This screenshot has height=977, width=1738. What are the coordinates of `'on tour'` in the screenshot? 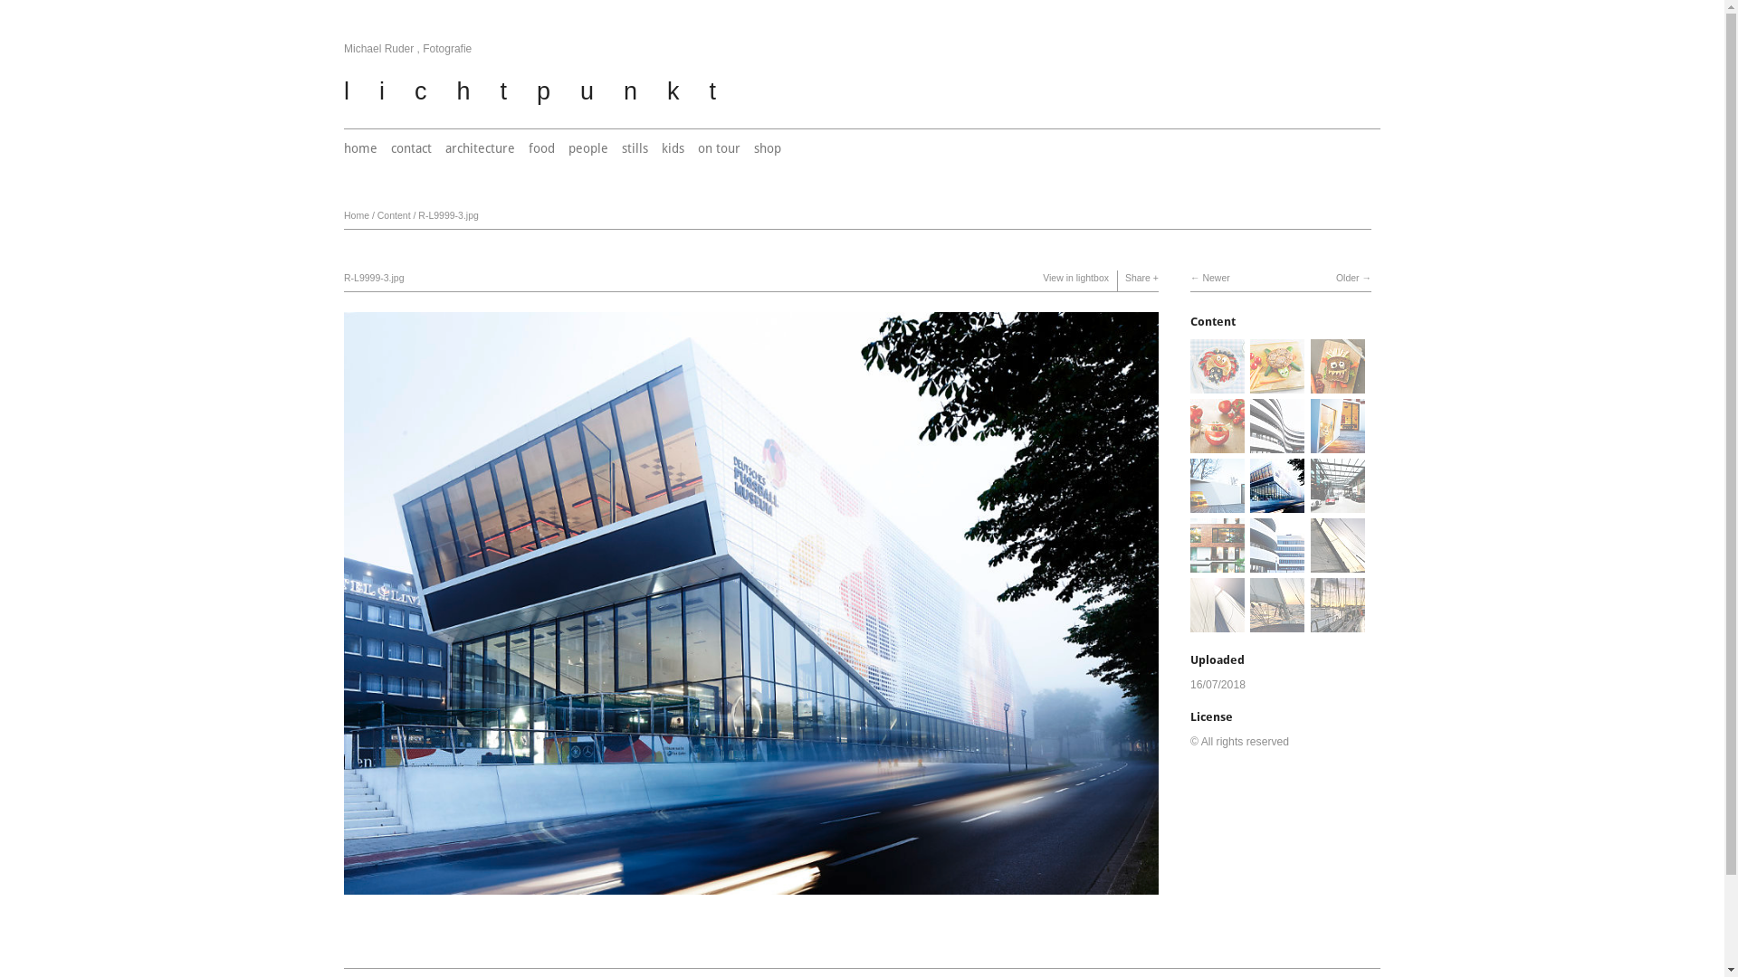 It's located at (718, 147).